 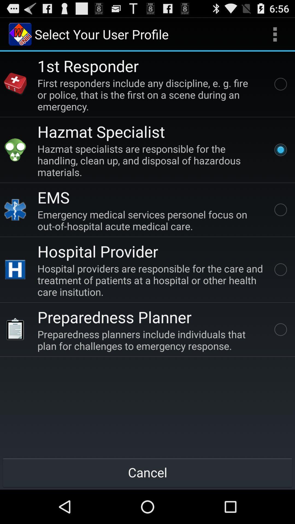 What do you see at coordinates (88, 65) in the screenshot?
I see `the 1st responder item` at bounding box center [88, 65].